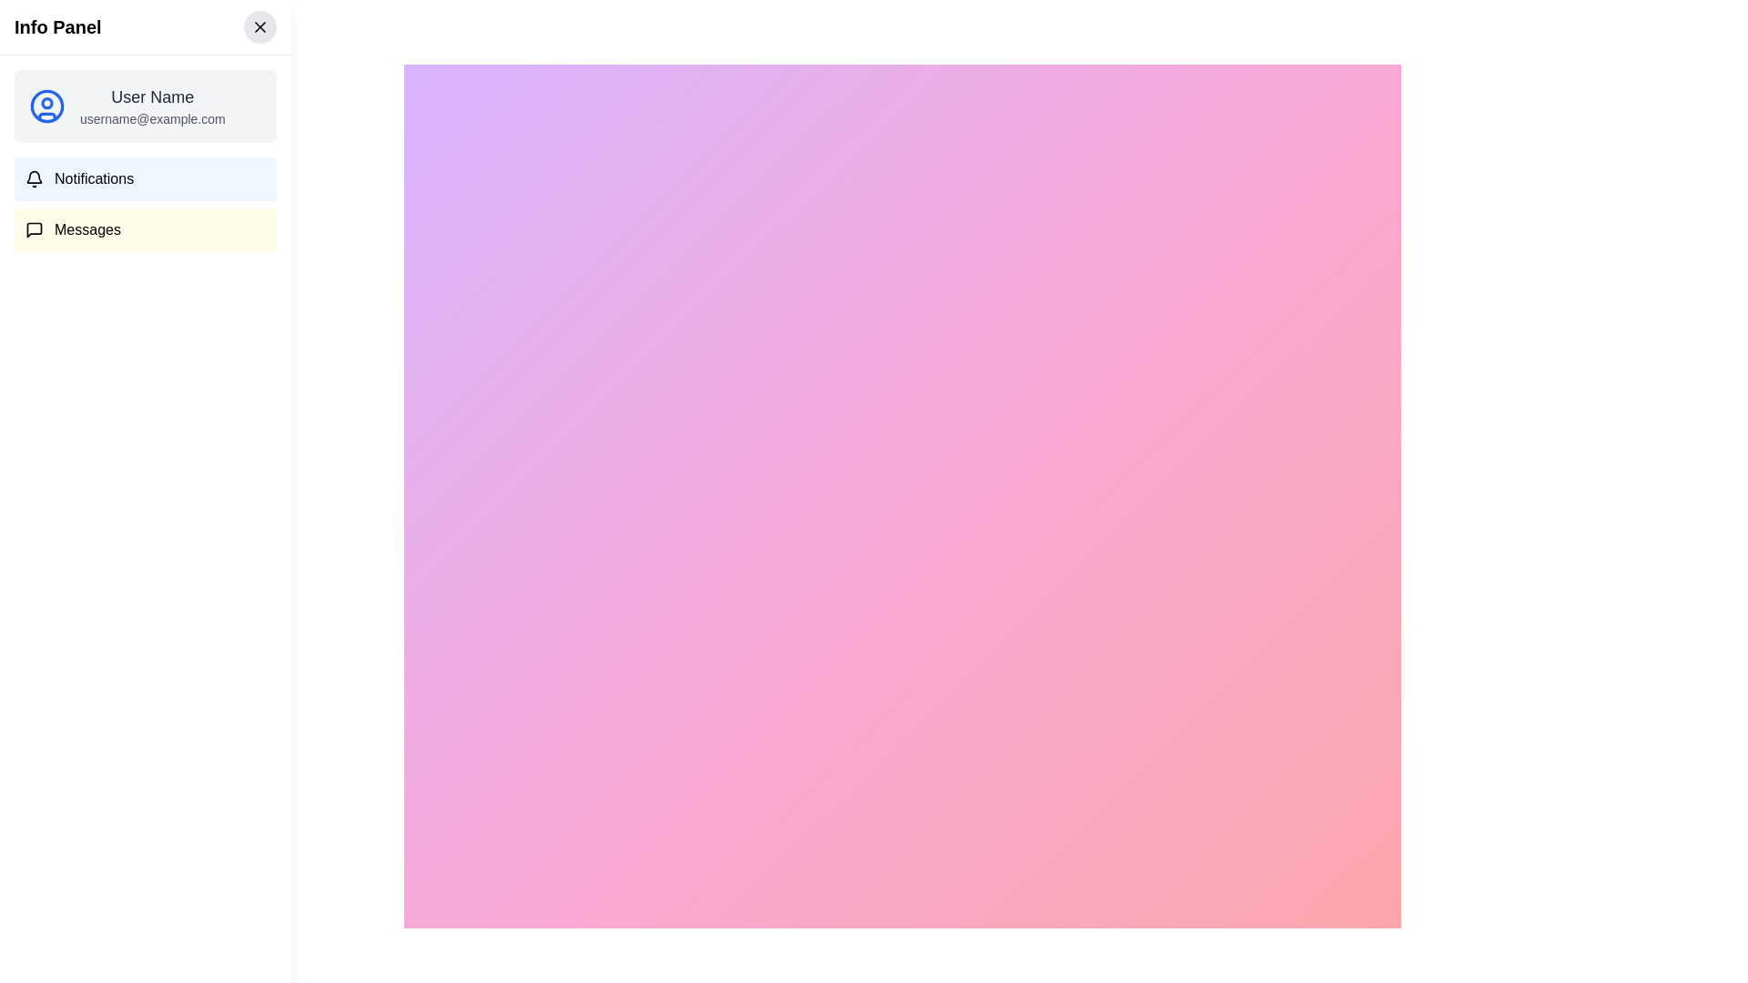 The image size is (1748, 983). I want to click on the notifications button located below the user information section and above the Messages button for keyboard interaction, so click(144, 178).